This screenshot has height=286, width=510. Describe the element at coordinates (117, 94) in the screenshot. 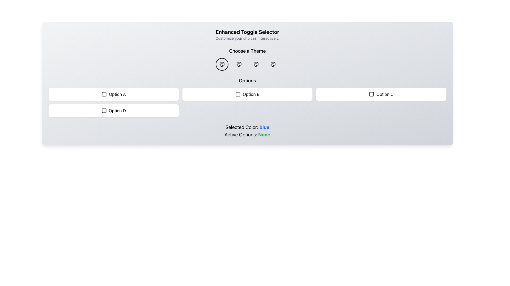

I see `the text label 'Option A' which is part of the first selectable card in the options grid, located below the 'Options' header` at that location.